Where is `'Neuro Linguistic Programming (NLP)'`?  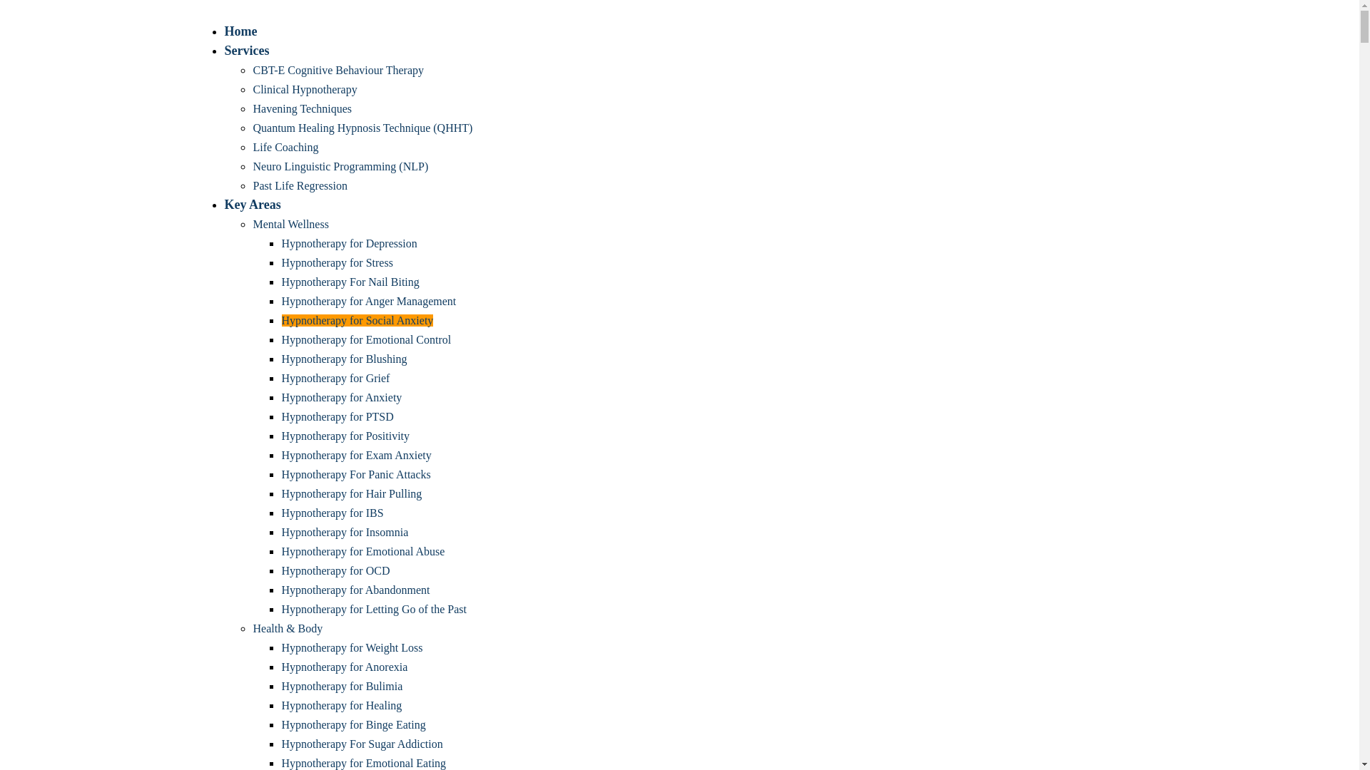 'Neuro Linguistic Programming (NLP)' is located at coordinates (339, 165).